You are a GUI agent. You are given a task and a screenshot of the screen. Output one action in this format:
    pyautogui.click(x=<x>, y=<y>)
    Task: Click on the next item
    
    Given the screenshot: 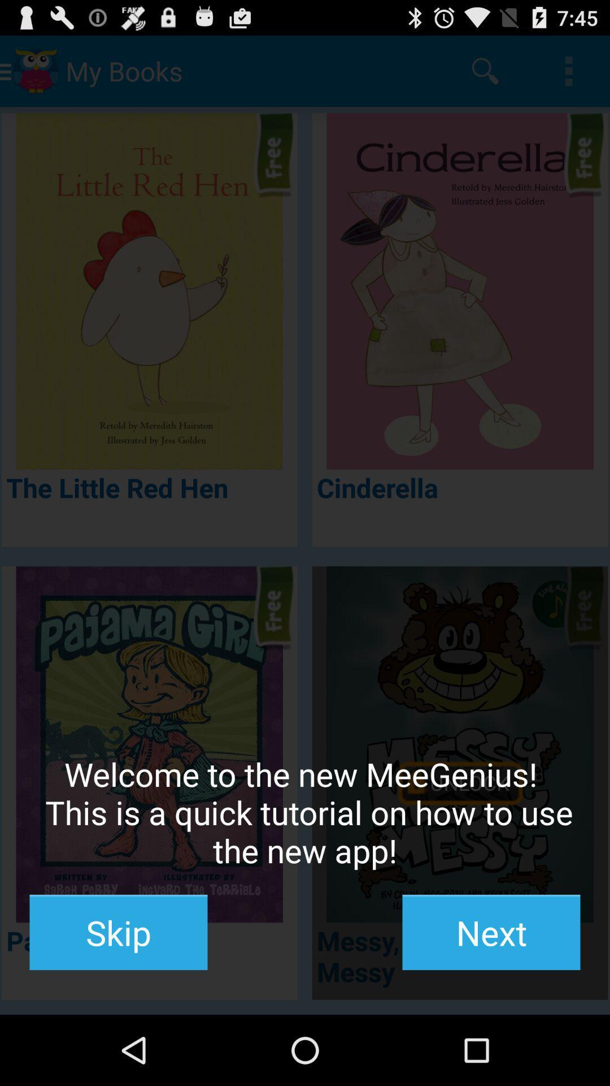 What is the action you would take?
    pyautogui.click(x=491, y=932)
    